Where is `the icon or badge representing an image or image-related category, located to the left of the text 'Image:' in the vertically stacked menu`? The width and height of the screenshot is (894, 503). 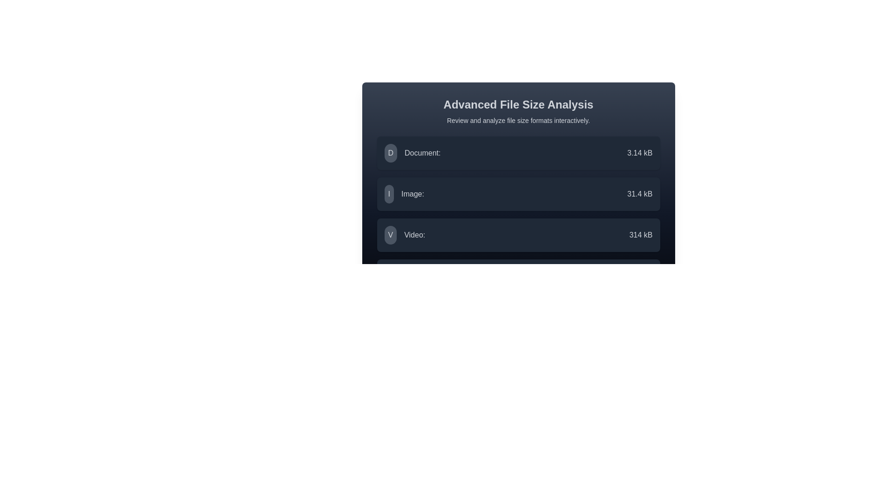 the icon or badge representing an image or image-related category, located to the left of the text 'Image:' in the vertically stacked menu is located at coordinates (389, 193).